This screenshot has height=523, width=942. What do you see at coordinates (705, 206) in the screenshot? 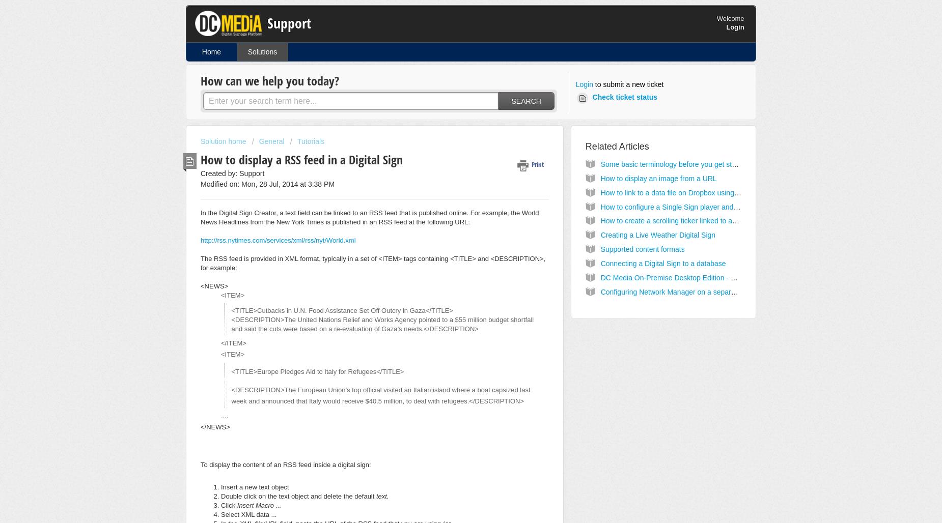
I see `'How to configure a Single Sign player and a Single Sign Scheduler'` at bounding box center [705, 206].